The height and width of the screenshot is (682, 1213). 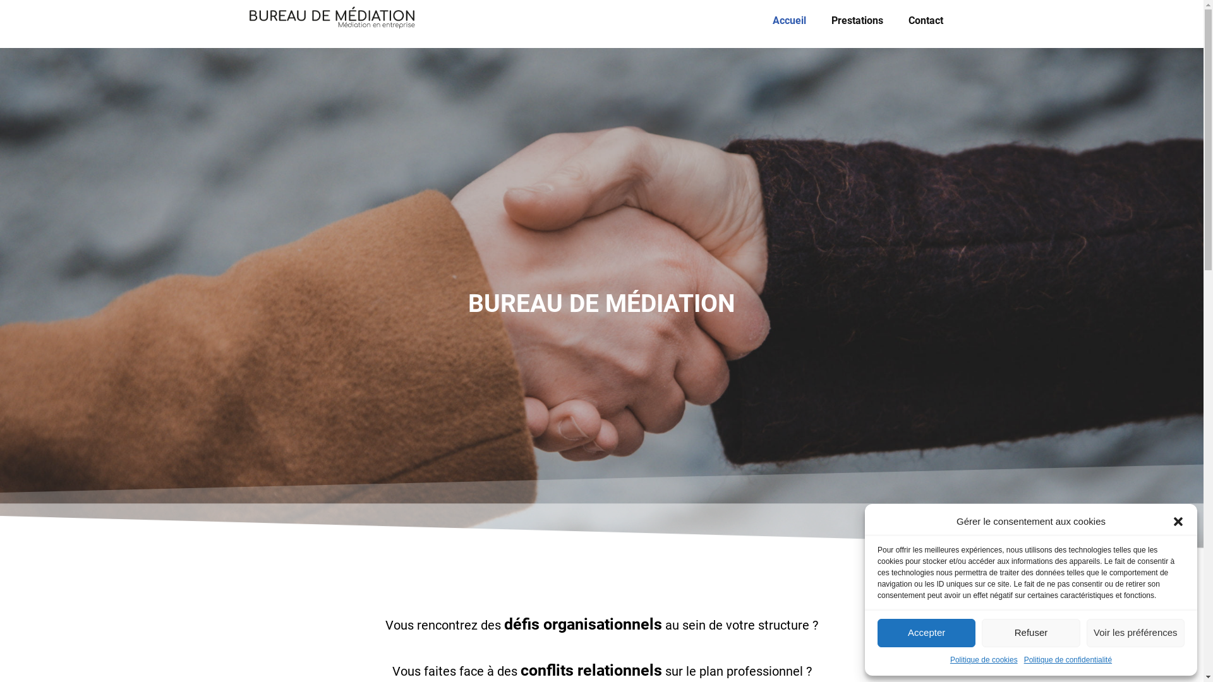 What do you see at coordinates (0, 27) in the screenshot?
I see `'Aller au contenu'` at bounding box center [0, 27].